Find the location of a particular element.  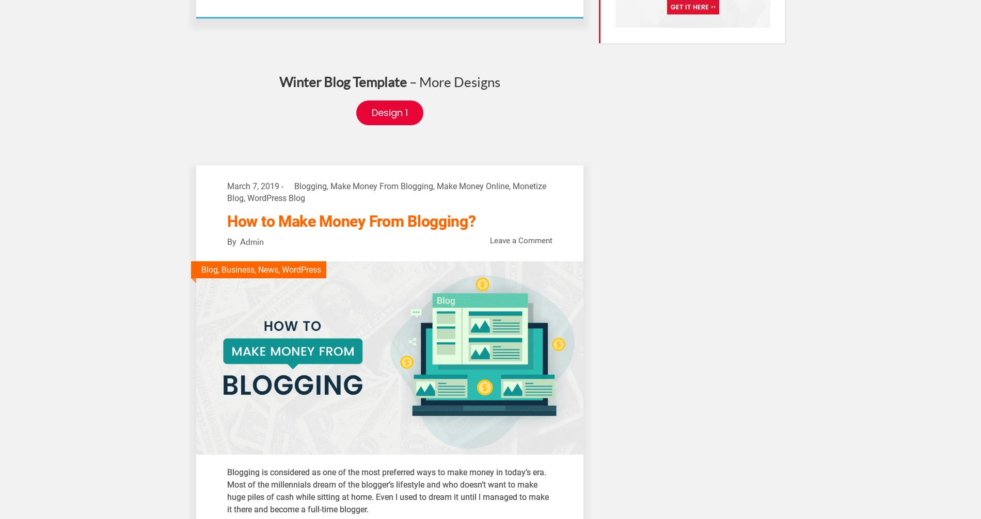

'Leave a Comment' is located at coordinates (521, 241).